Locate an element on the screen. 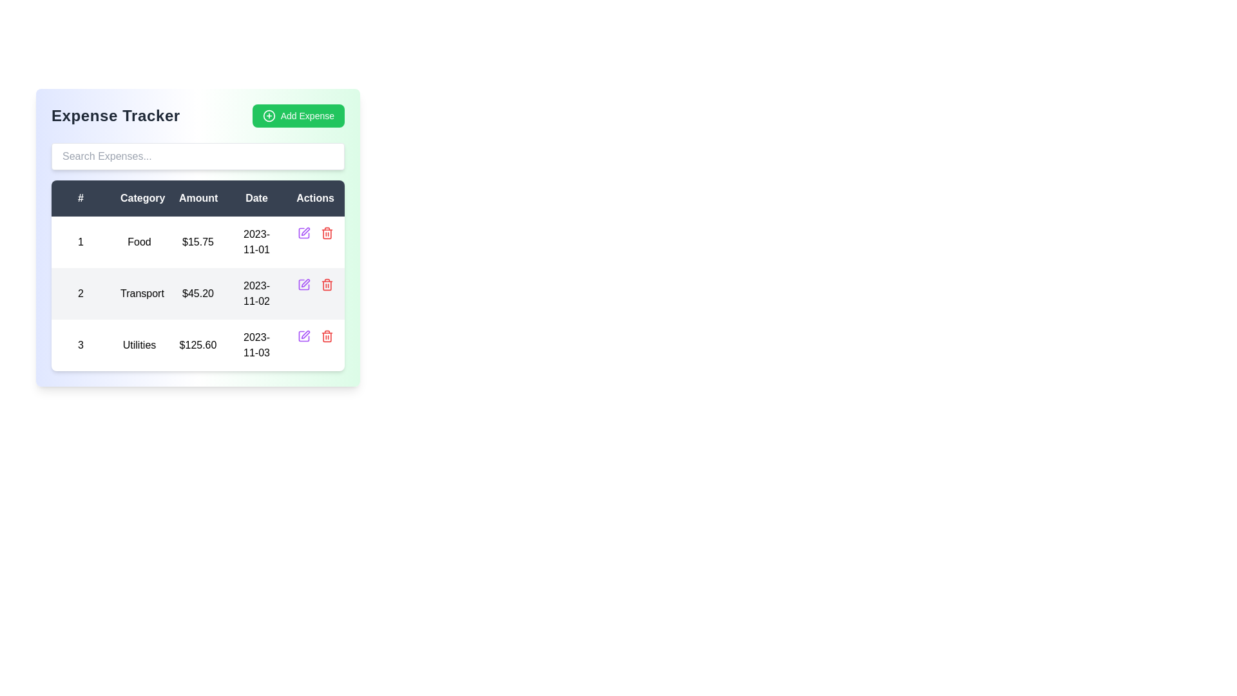 The height and width of the screenshot is (696, 1237). the delete icon located in the 'Actions' column of the second row associated with the 'Transport' entry in the expense tracker table to initiate delete is located at coordinates (327, 284).